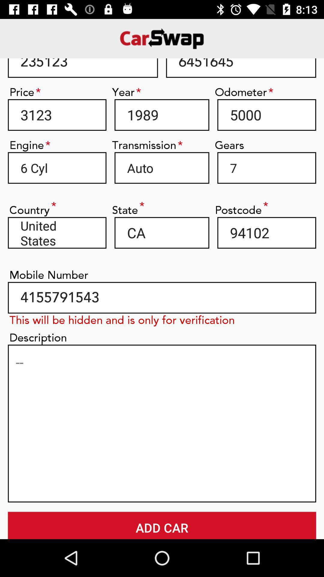 Image resolution: width=324 pixels, height=577 pixels. I want to click on item below year, so click(161, 115).